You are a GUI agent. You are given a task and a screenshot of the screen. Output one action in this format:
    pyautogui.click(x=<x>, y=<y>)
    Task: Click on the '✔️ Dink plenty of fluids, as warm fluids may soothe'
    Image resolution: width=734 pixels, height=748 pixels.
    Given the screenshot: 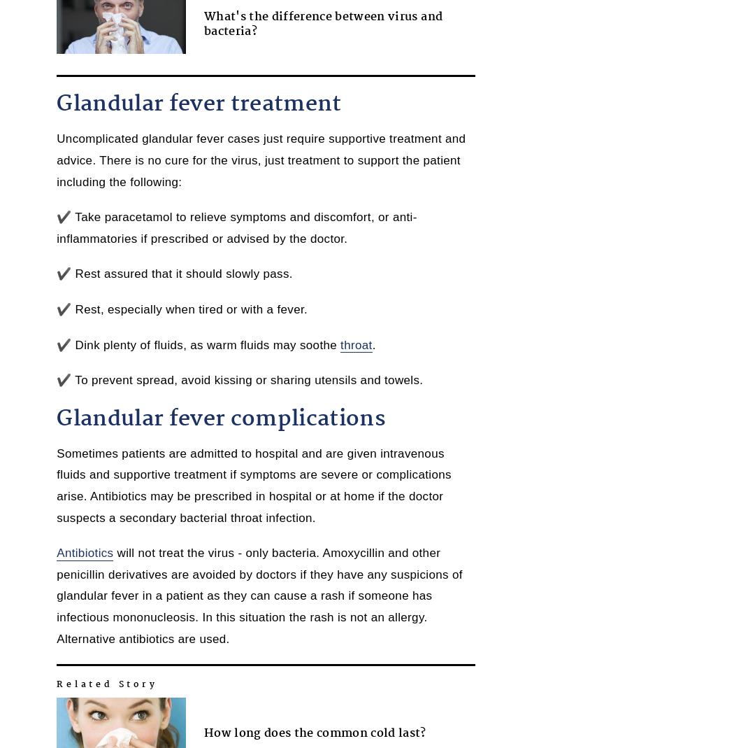 What is the action you would take?
    pyautogui.click(x=56, y=344)
    